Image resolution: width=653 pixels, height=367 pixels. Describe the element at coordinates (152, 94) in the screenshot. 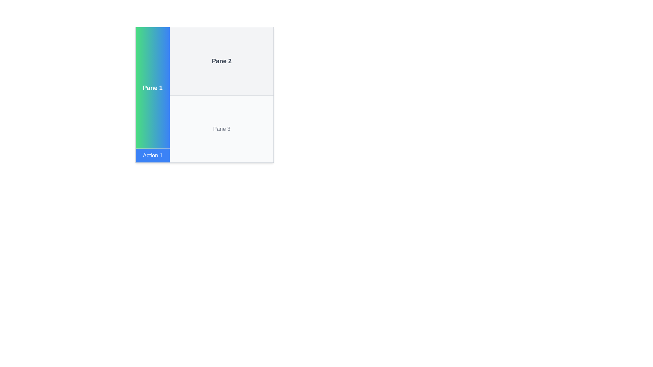

I see `the first pane in the multi-pane layout, which serves as a visual and textual identifier for the section, located in the leftmost column` at that location.